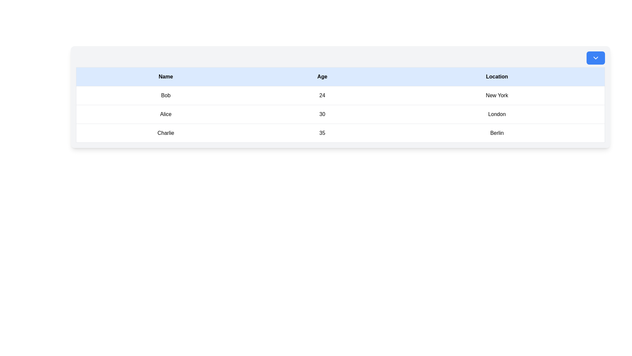 This screenshot has height=356, width=632. What do you see at coordinates (497, 76) in the screenshot?
I see `the rightmost column header of the table labeled 'Location'` at bounding box center [497, 76].